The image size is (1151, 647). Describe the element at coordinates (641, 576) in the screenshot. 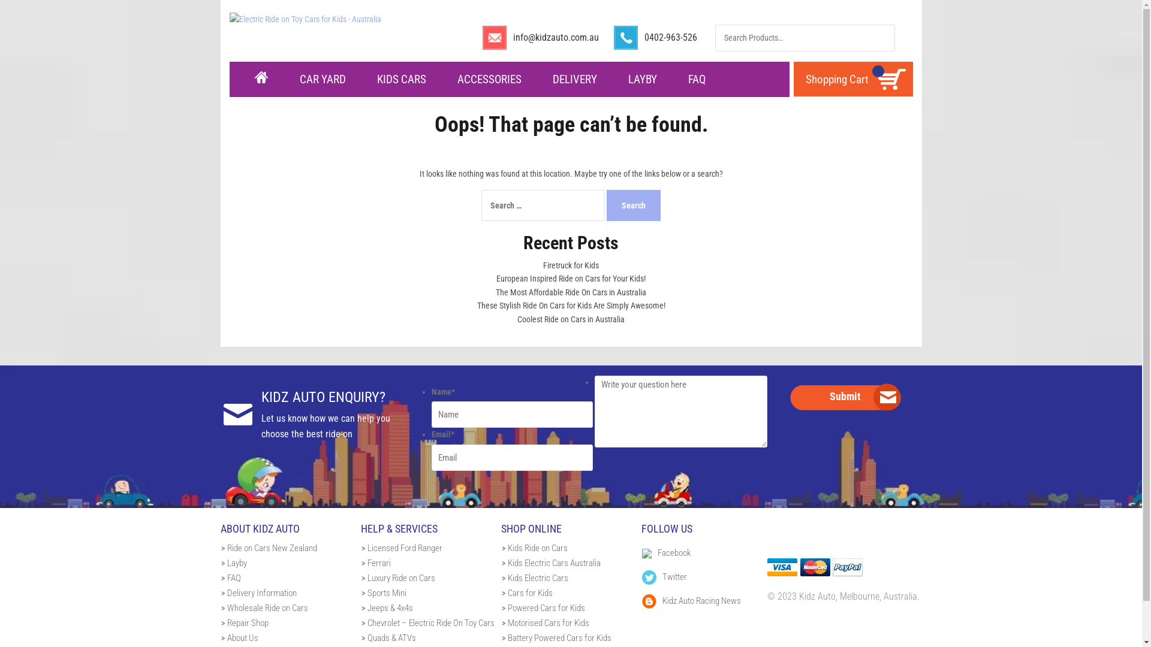

I see `'Twitter'` at that location.